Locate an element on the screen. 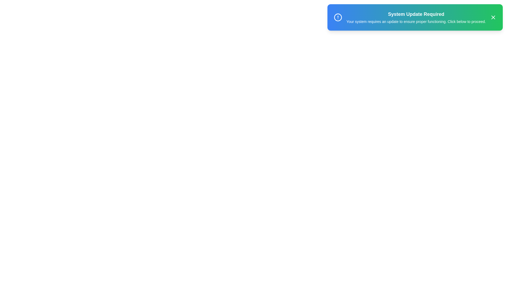 Image resolution: width=507 pixels, height=285 pixels. the alert icon in the snackbar is located at coordinates (338, 17).